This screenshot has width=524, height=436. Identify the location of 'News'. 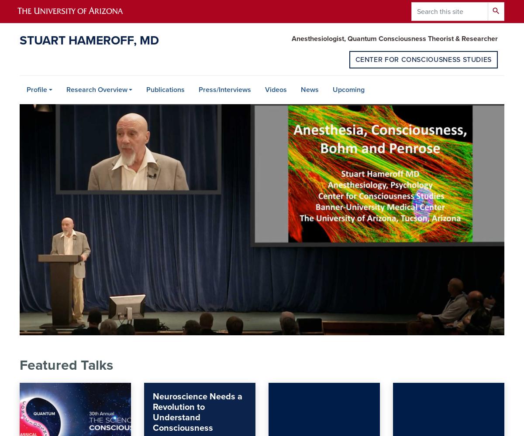
(310, 89).